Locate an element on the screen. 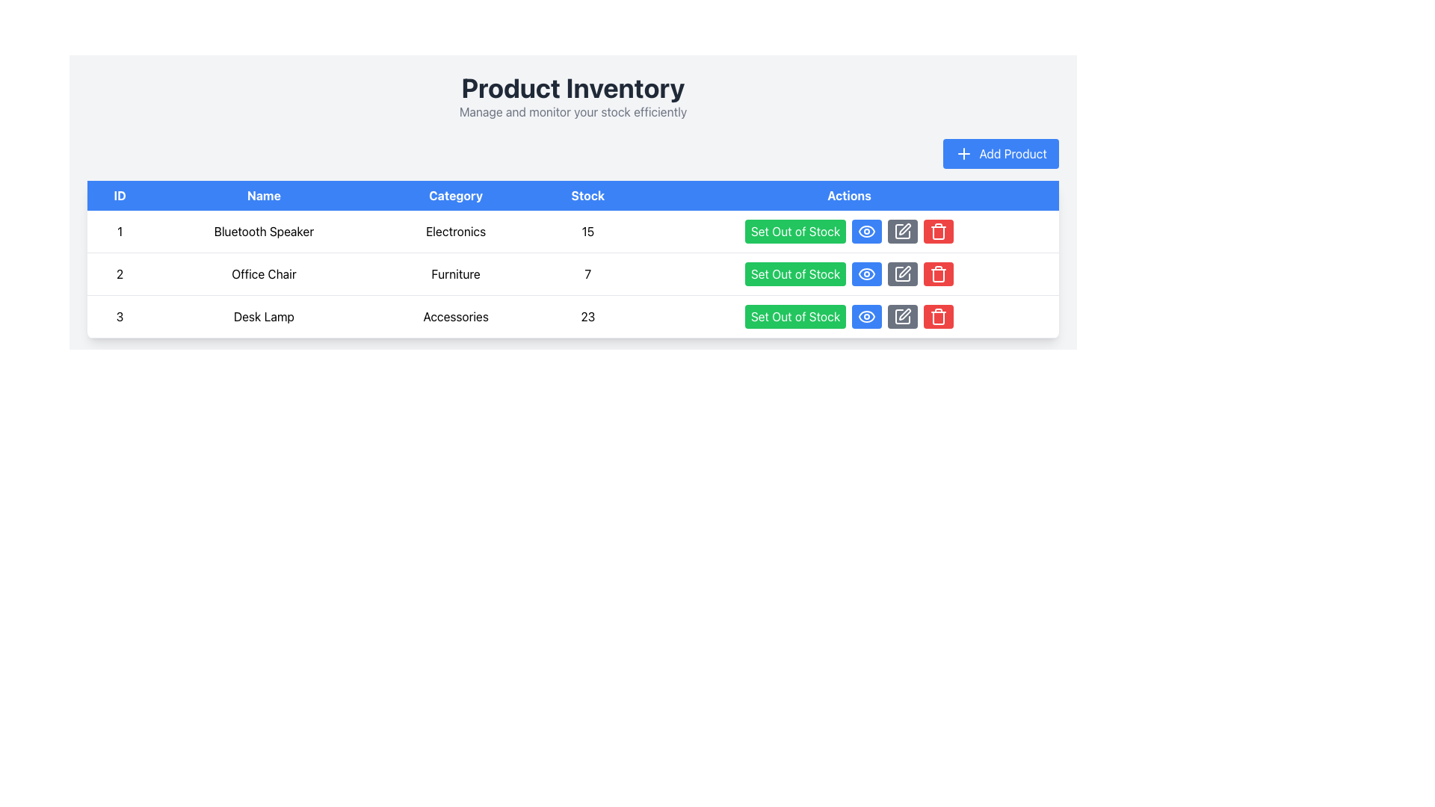  the pencil icon button in the 'Actions' column of the third table row associated with the 'Desk Lamp' entry is located at coordinates (902, 316).